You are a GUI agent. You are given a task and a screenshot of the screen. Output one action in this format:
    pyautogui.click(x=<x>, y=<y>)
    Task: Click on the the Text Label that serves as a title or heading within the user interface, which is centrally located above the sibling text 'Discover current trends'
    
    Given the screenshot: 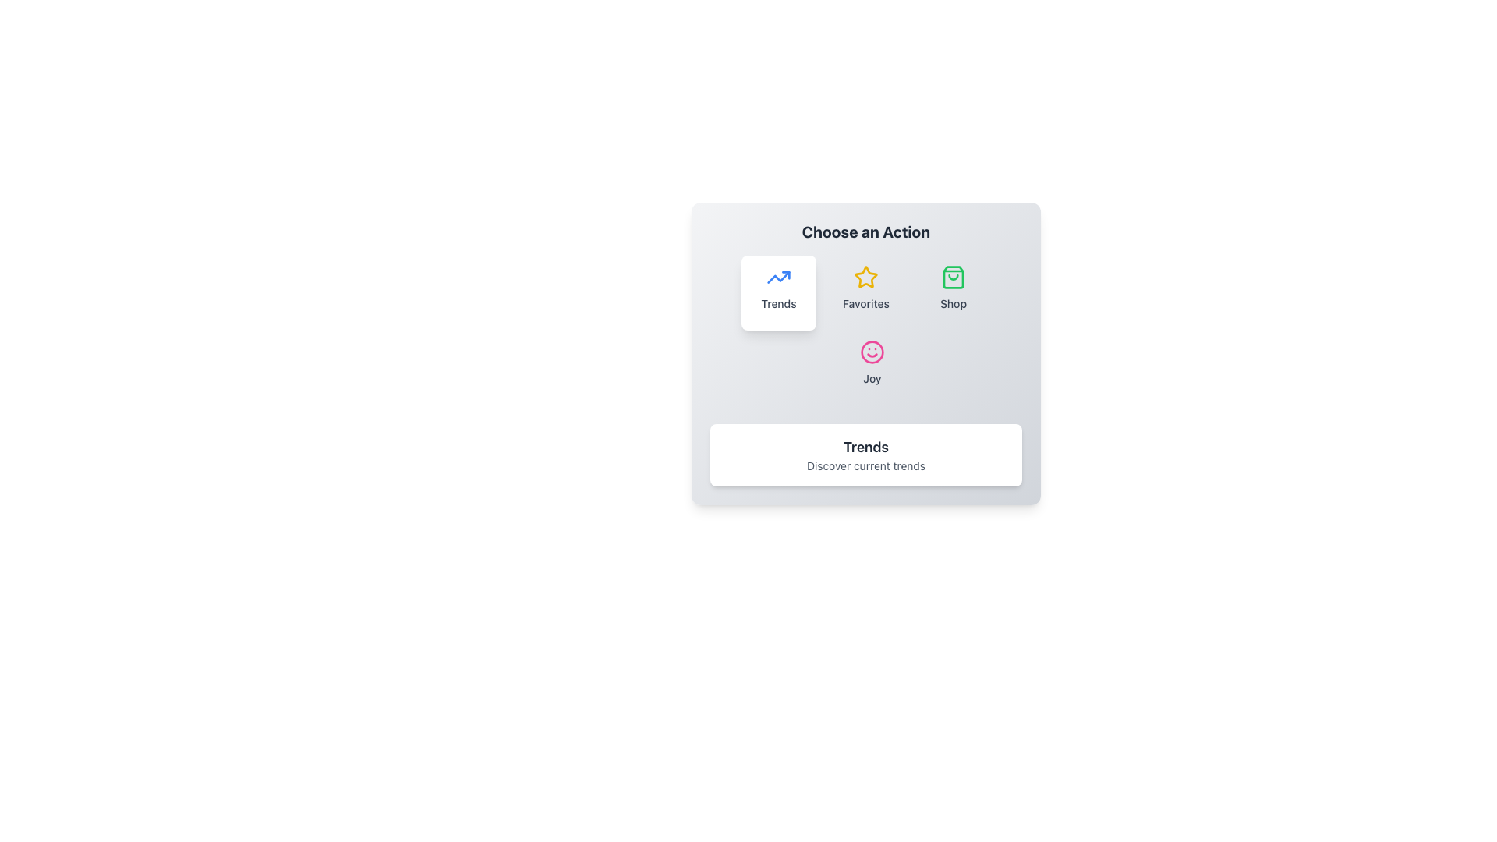 What is the action you would take?
    pyautogui.click(x=865, y=448)
    